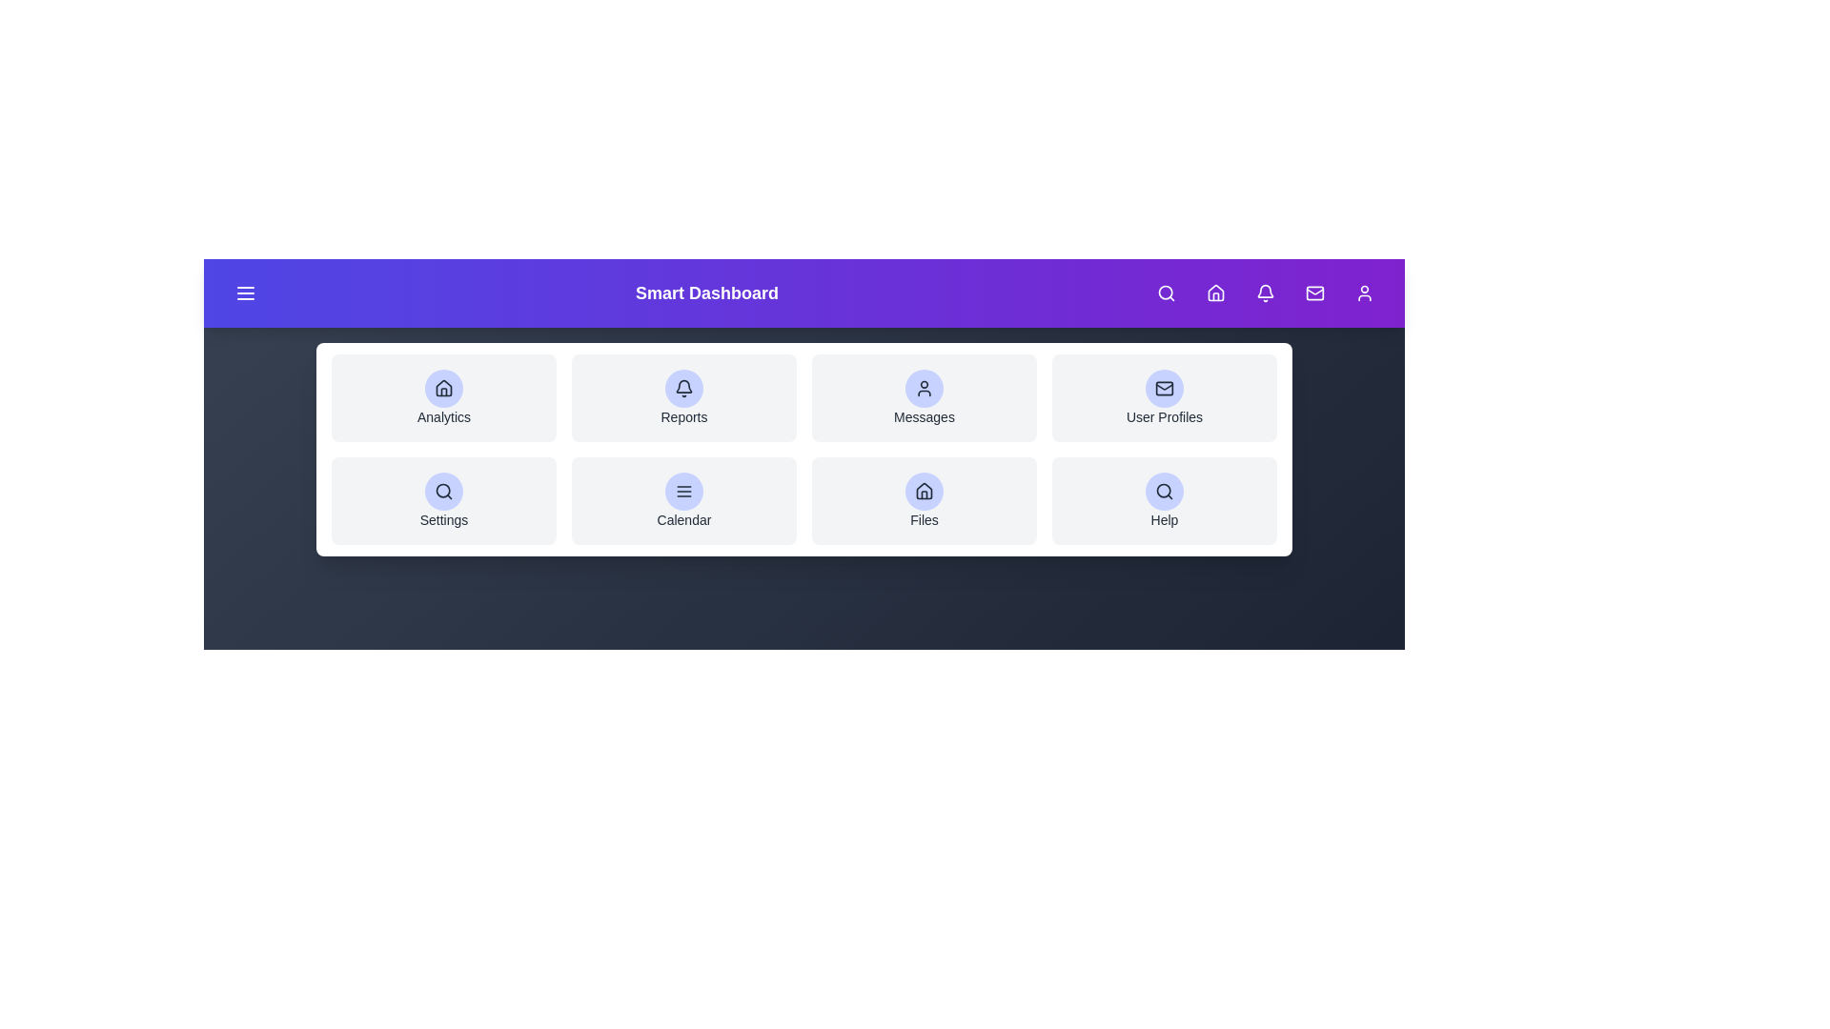 The image size is (1830, 1029). What do you see at coordinates (1363, 293) in the screenshot?
I see `the user button in the app bar` at bounding box center [1363, 293].